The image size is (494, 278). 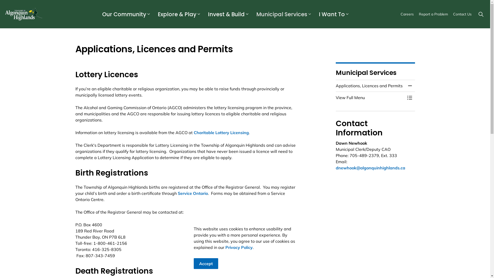 I want to click on 'Algonquin Highlands', so click(x=5, y=14).